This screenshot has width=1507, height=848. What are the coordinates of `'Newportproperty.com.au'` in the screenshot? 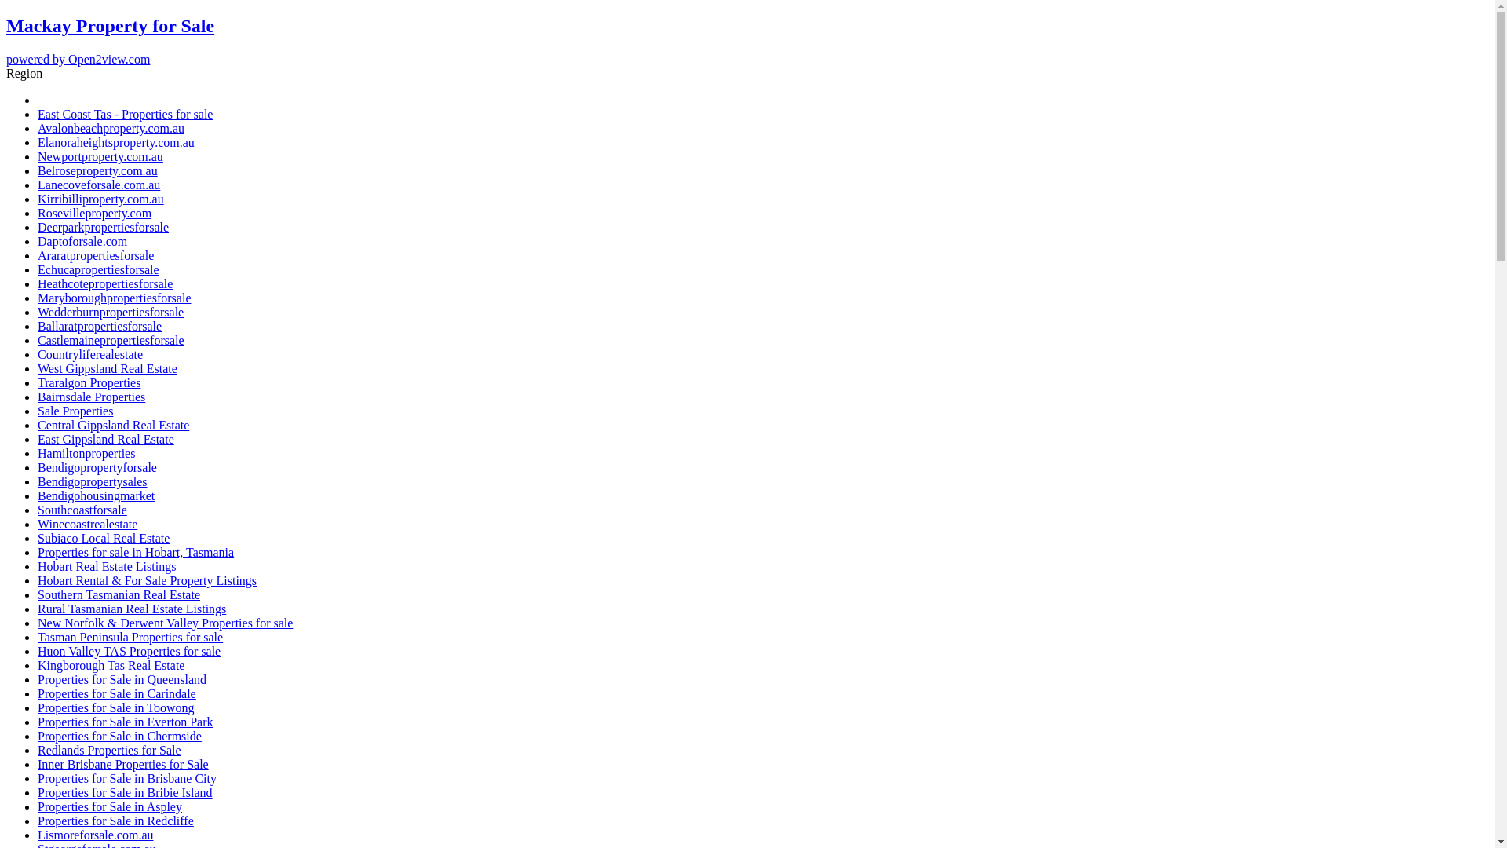 It's located at (100, 156).